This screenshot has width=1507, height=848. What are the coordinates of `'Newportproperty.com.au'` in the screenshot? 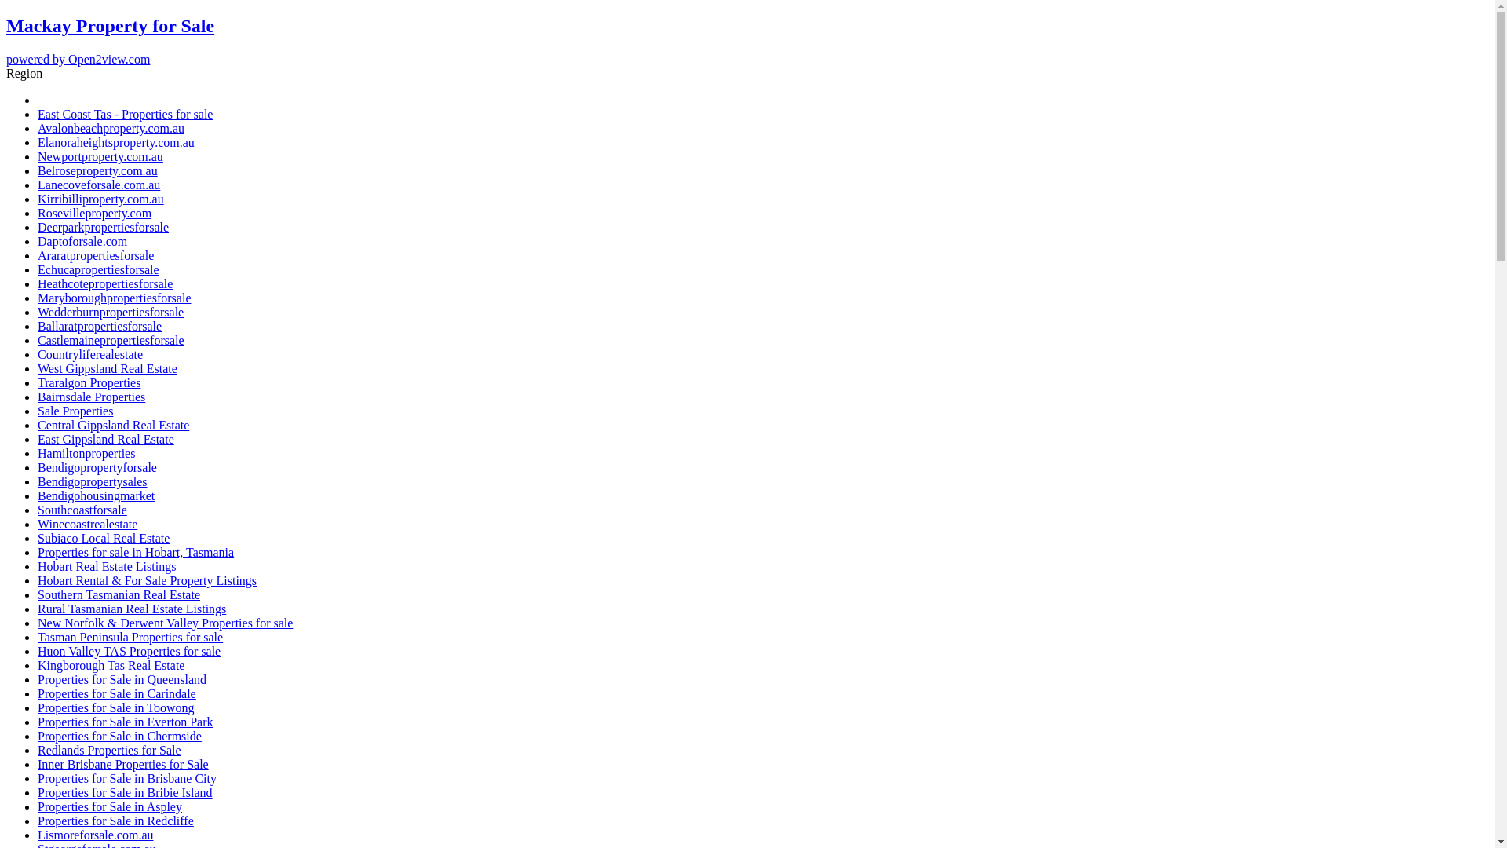 It's located at (100, 156).